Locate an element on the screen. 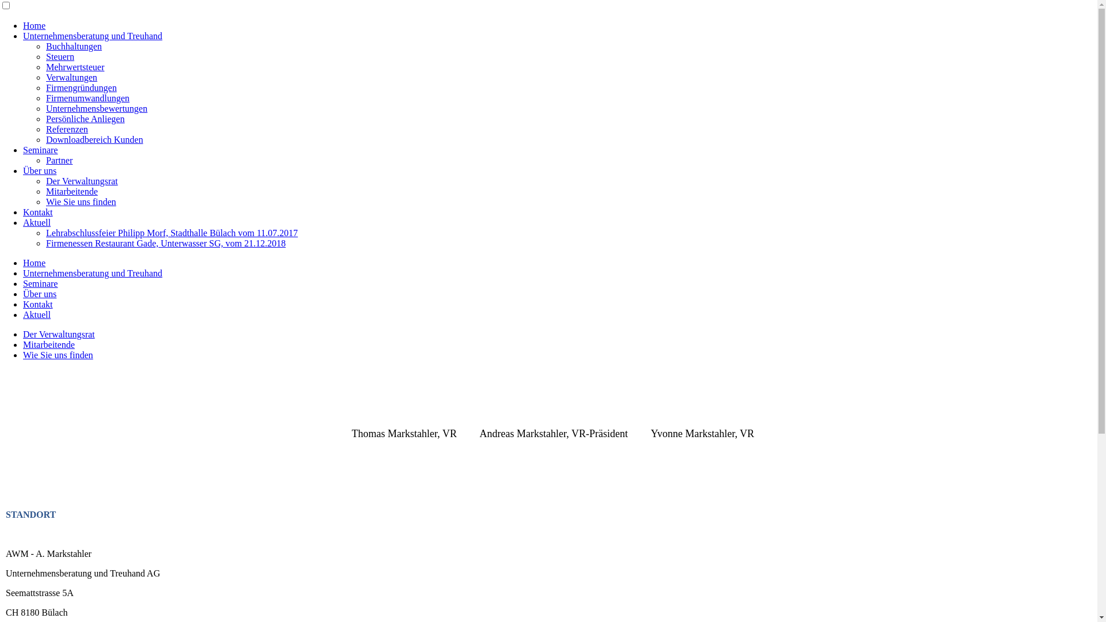 This screenshot has height=622, width=1106. 'Seminare' is located at coordinates (22, 283).